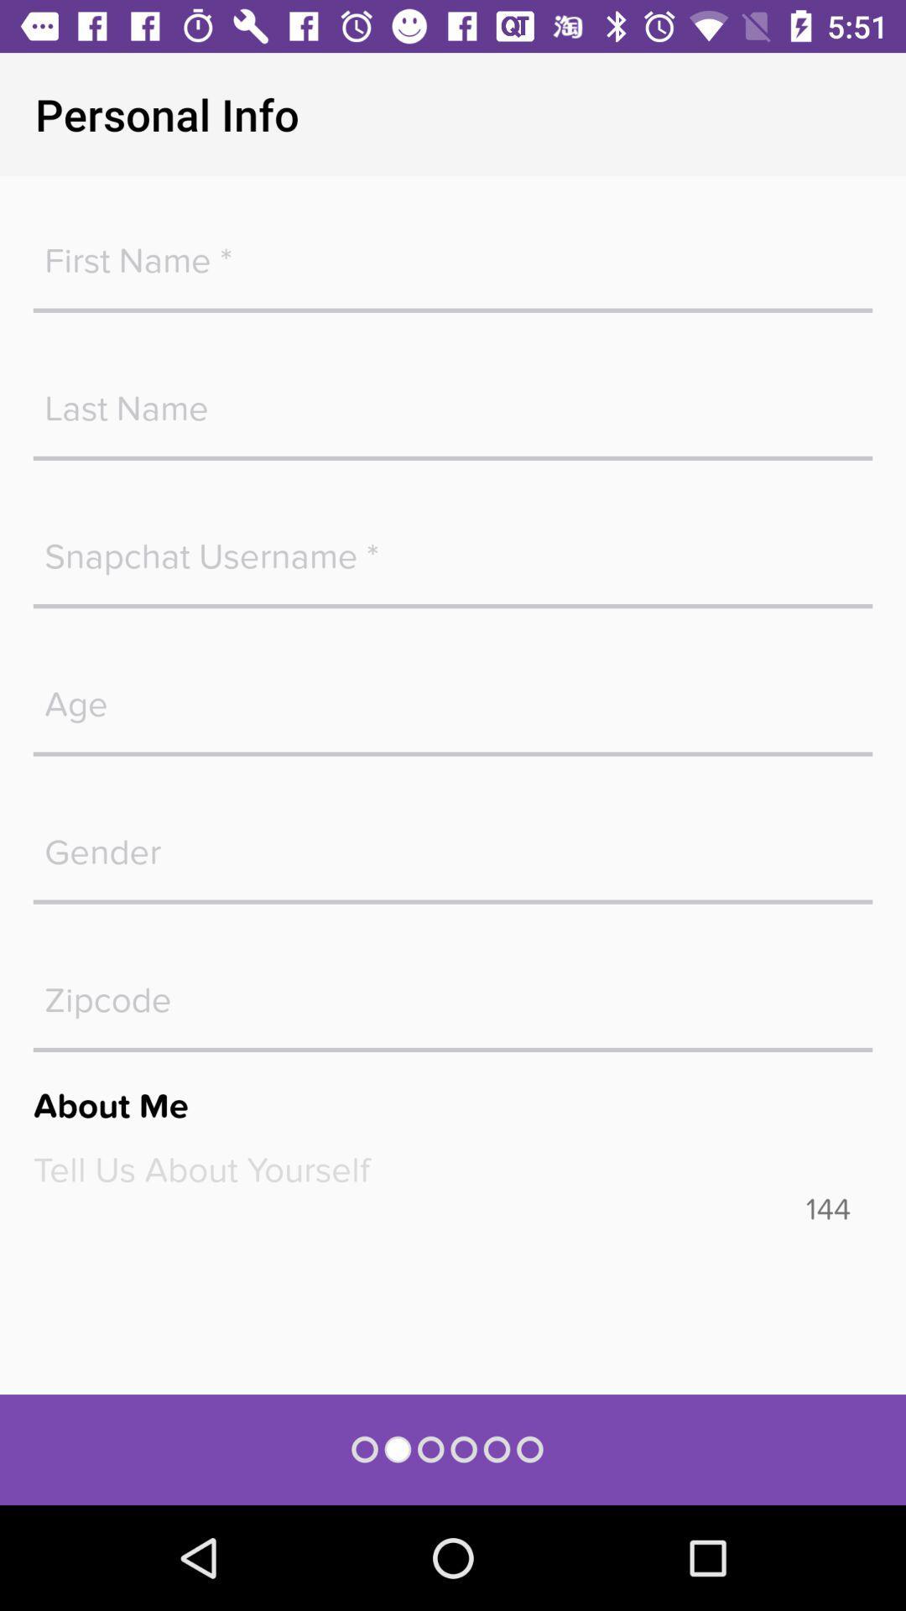  I want to click on fill in the zipcode, so click(453, 991).